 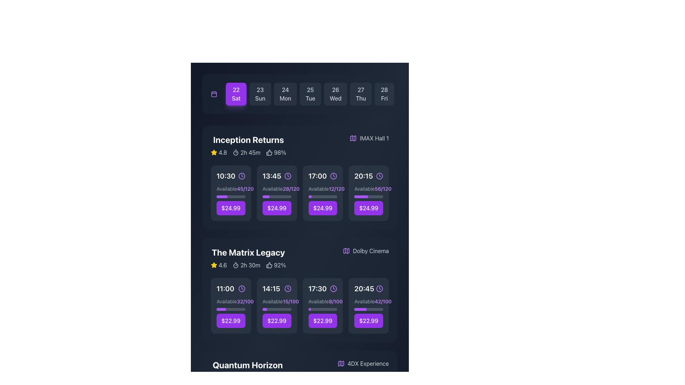 I want to click on the content of the Text label indicating available and total seats for the selected movie time slot for 'The Matrix Legacy', positioned above the purple availability bar and below the time slot '17:30', so click(x=322, y=301).